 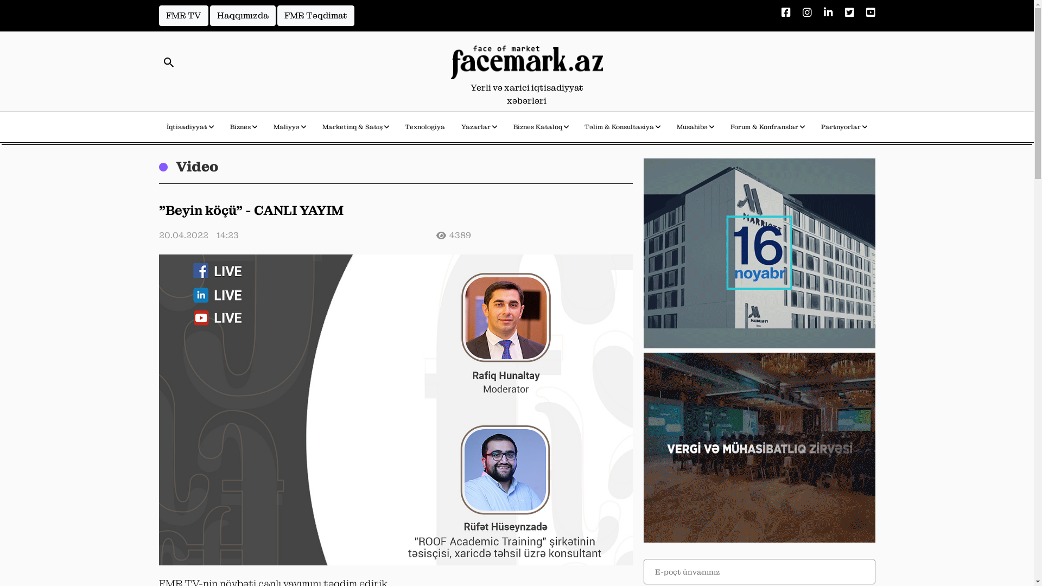 What do you see at coordinates (183, 16) in the screenshot?
I see `'FMR TV'` at bounding box center [183, 16].